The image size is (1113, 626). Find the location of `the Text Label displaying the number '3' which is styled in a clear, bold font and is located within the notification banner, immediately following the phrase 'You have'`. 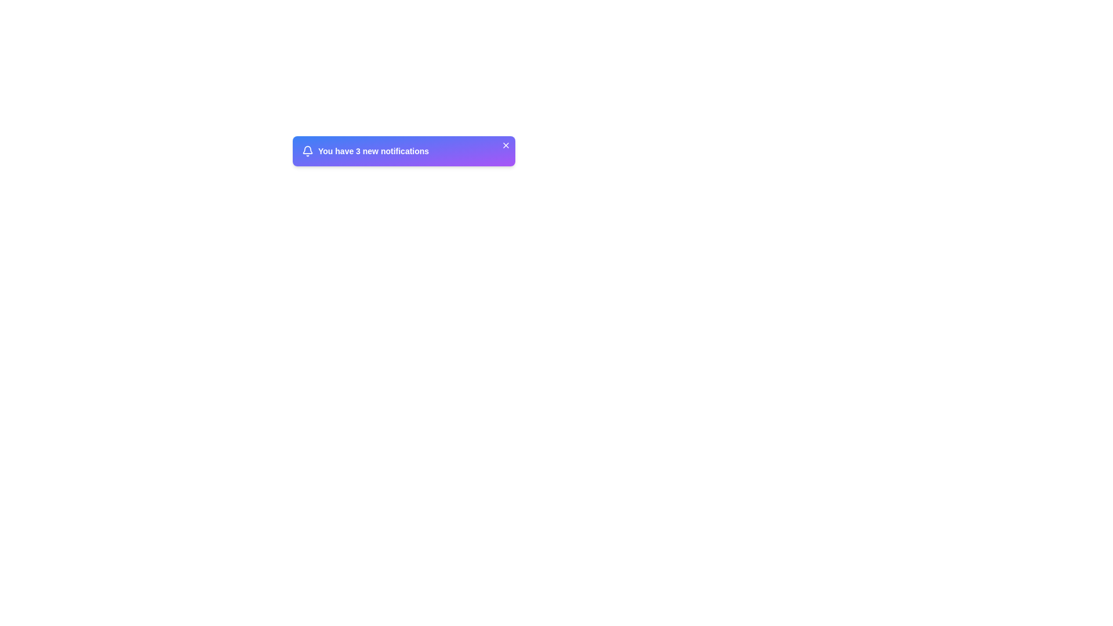

the Text Label displaying the number '3' which is styled in a clear, bold font and is located within the notification banner, immediately following the phrase 'You have' is located at coordinates (358, 151).